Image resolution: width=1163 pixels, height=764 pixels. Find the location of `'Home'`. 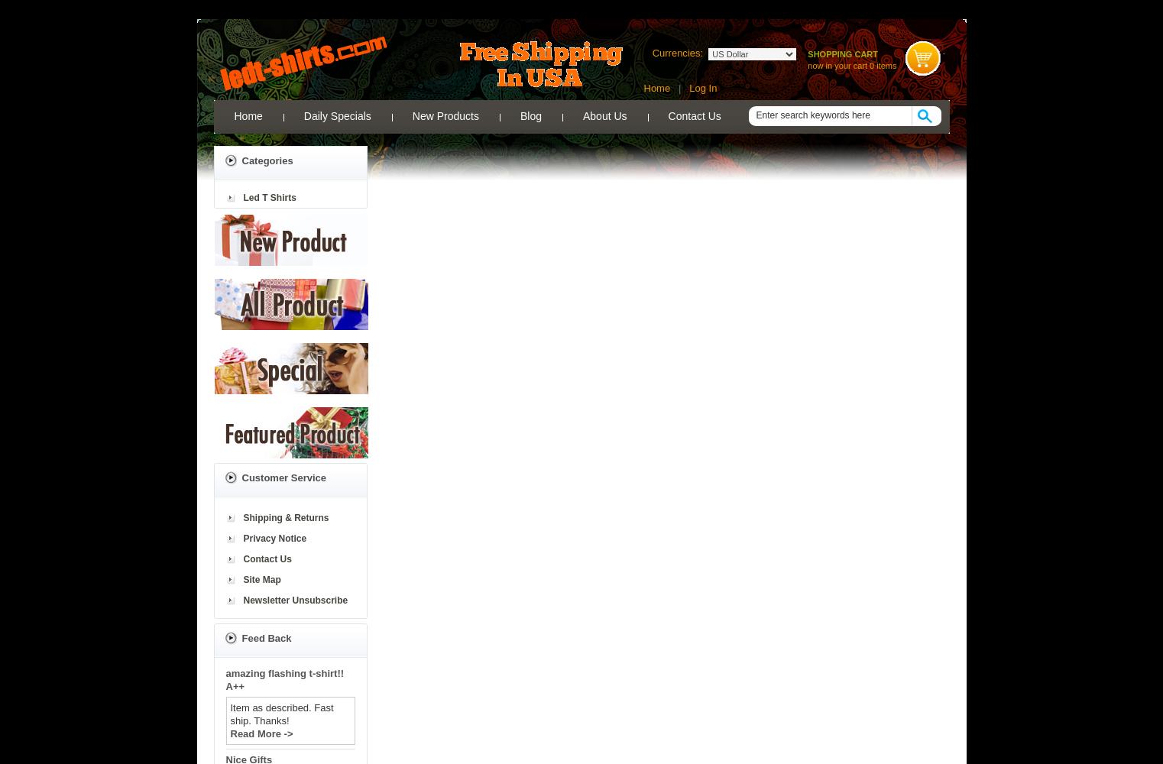

'Home' is located at coordinates (643, 87).